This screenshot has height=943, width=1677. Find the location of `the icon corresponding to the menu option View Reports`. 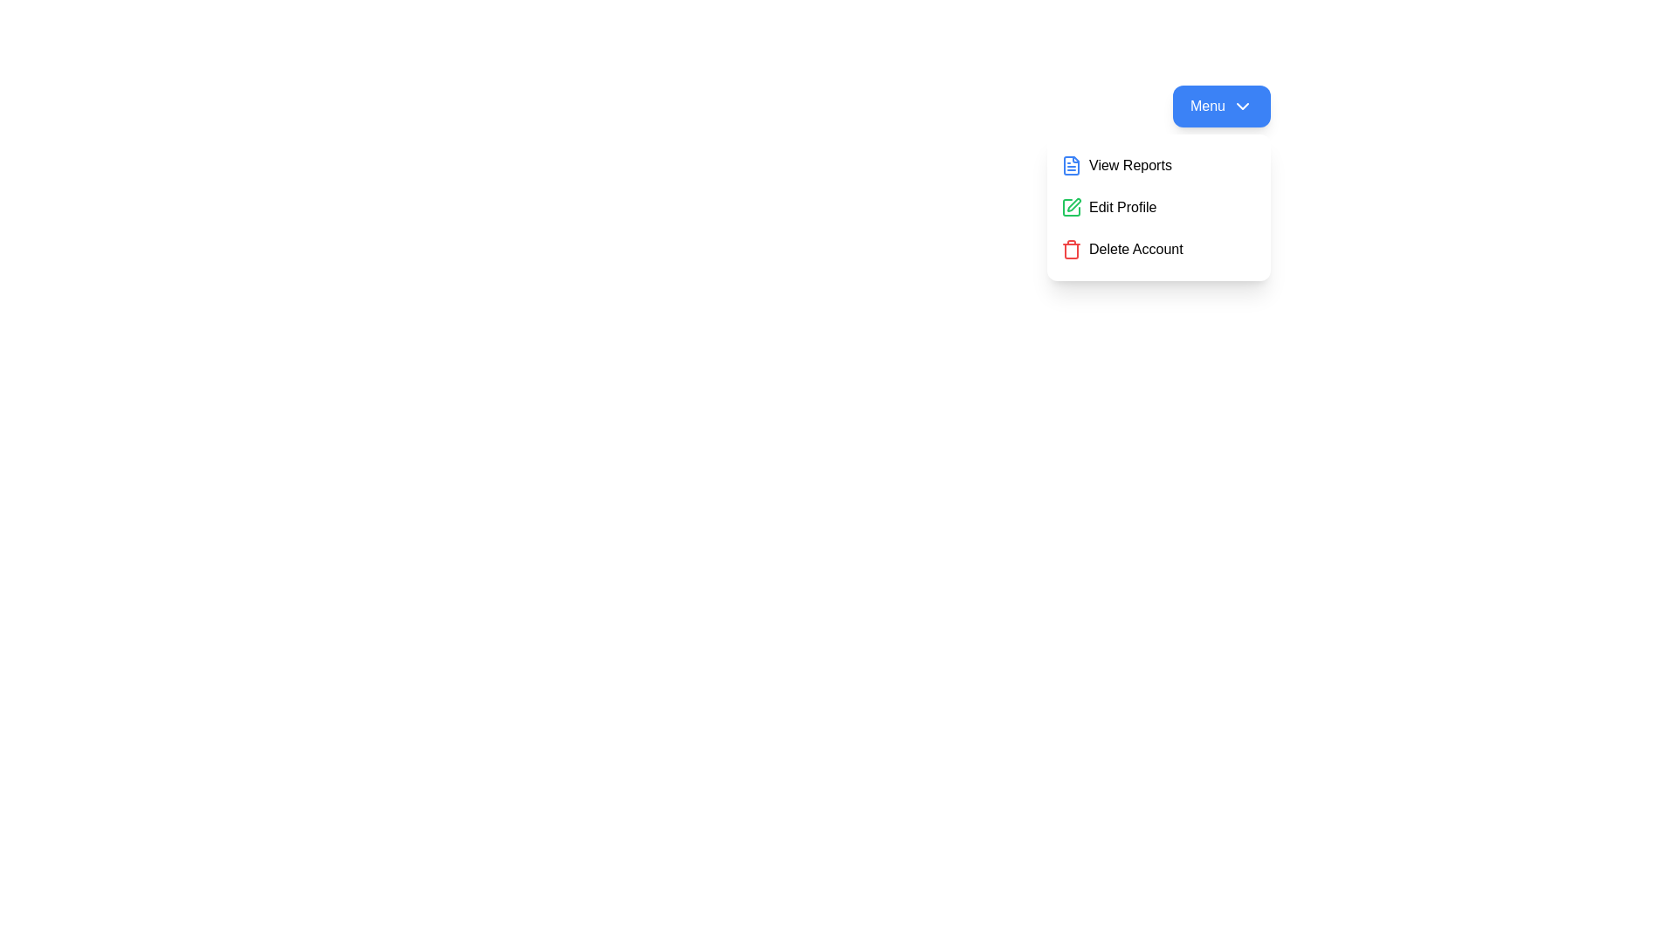

the icon corresponding to the menu option View Reports is located at coordinates (1071, 165).